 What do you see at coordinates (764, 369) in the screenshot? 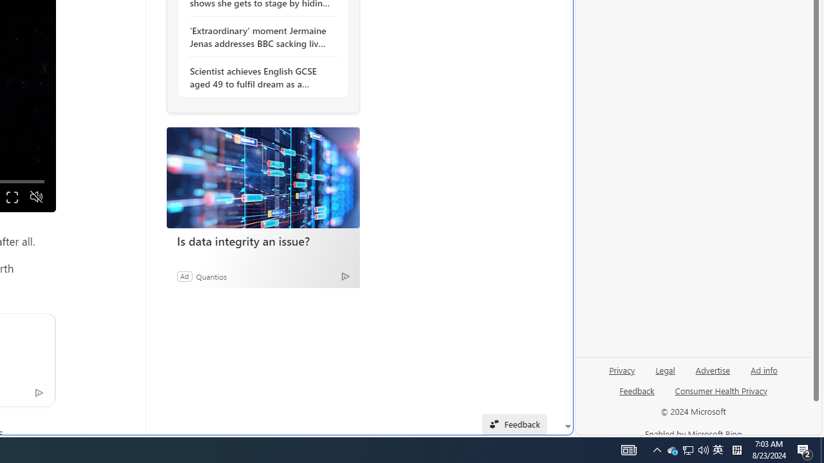
I see `'Ad info'` at bounding box center [764, 369].